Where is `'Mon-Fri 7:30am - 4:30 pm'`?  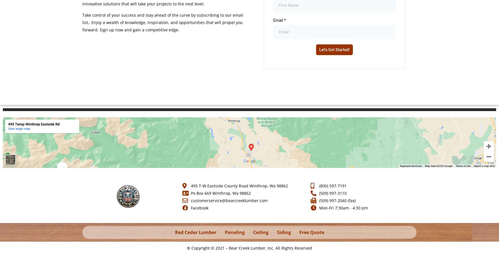 'Mon-Fri 7:30am - 4:30 pm' is located at coordinates (343, 207).